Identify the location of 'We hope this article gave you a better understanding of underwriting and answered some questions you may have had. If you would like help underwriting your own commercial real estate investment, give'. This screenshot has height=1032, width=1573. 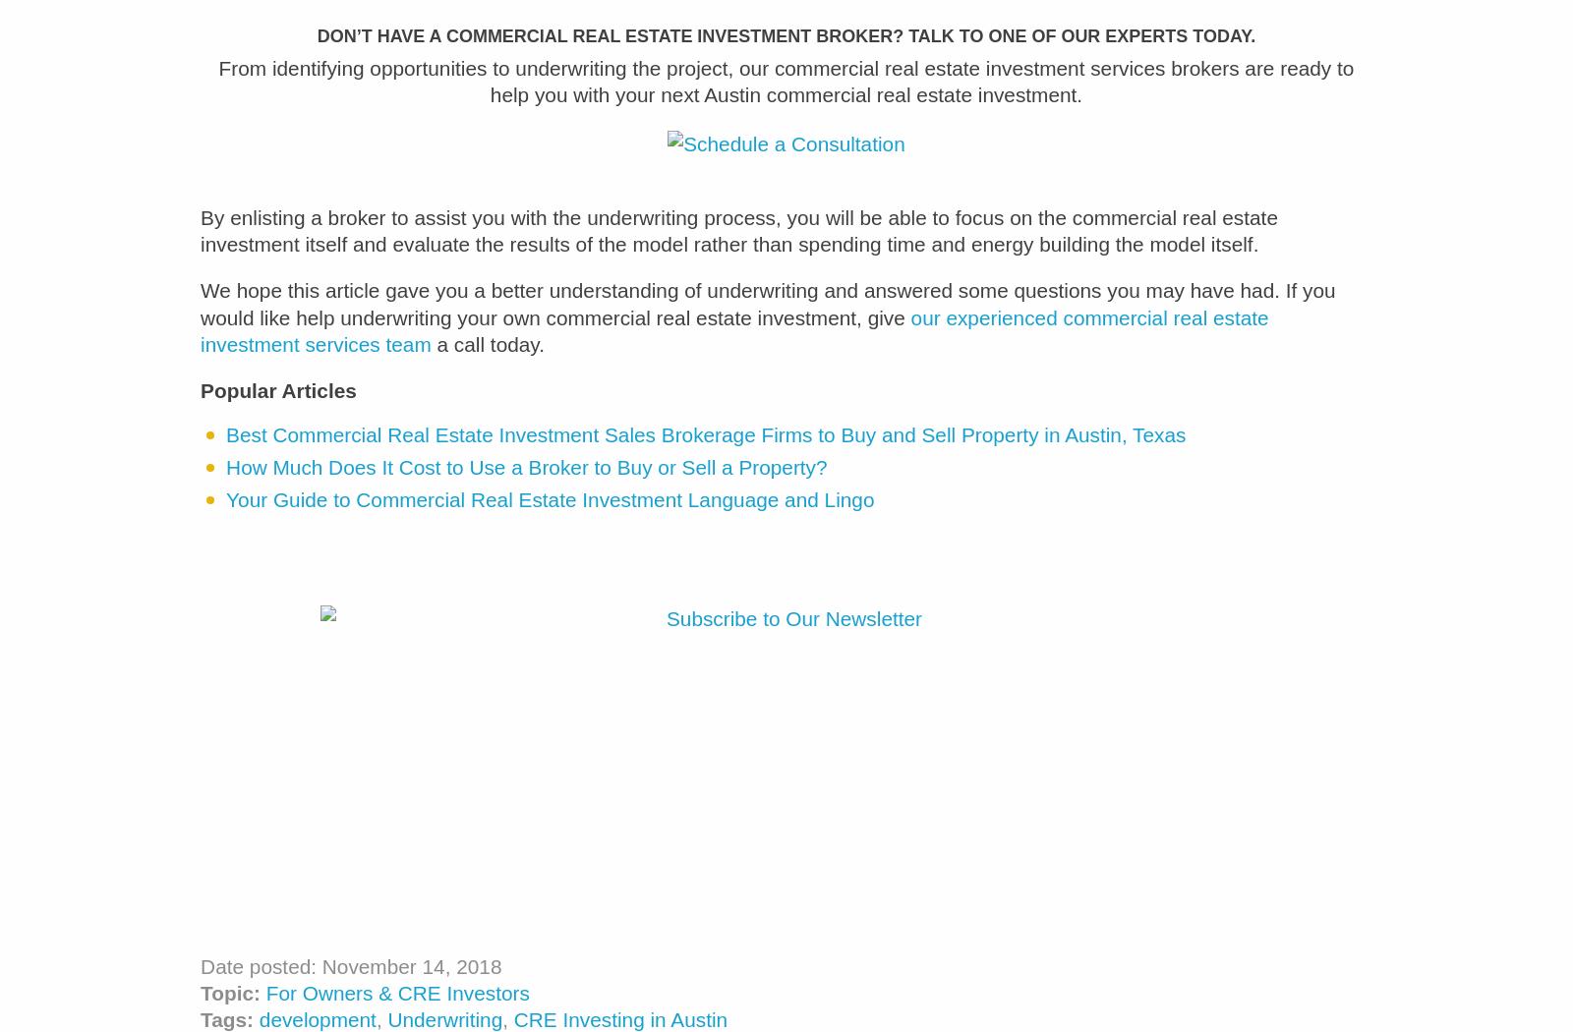
(767, 316).